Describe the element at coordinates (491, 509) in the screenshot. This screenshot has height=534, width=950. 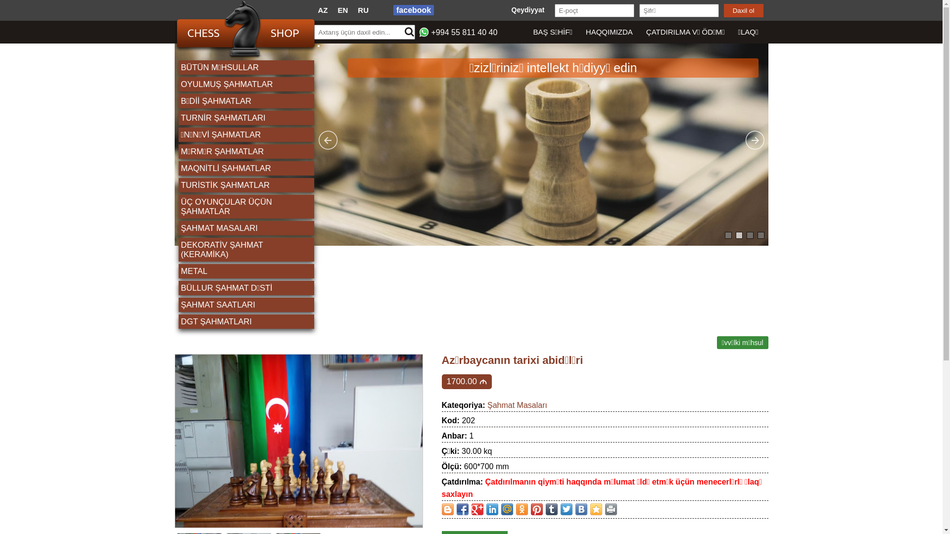
I see `'Share on Linkedin'` at that location.